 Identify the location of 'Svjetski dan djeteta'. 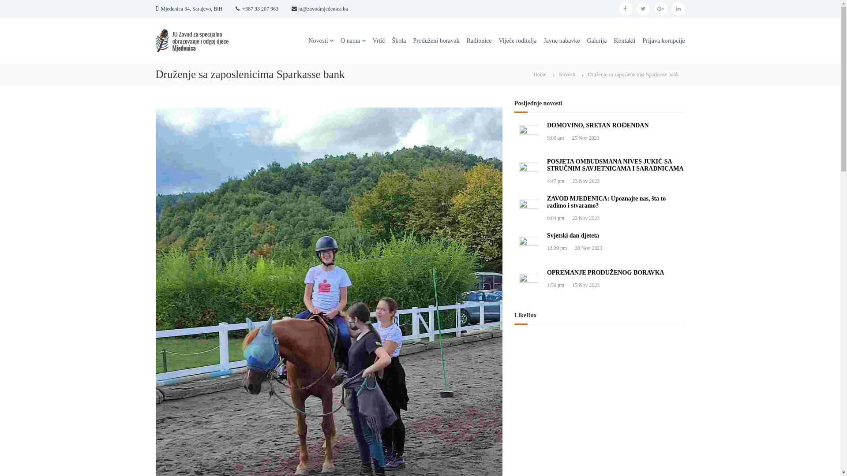
(546, 234).